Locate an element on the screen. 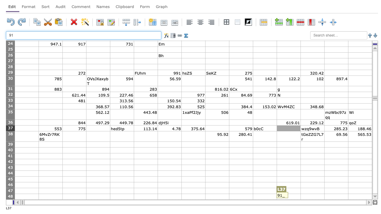 This screenshot has width=381, height=214. left border at column N row 48 is located at coordinates (324, 196).